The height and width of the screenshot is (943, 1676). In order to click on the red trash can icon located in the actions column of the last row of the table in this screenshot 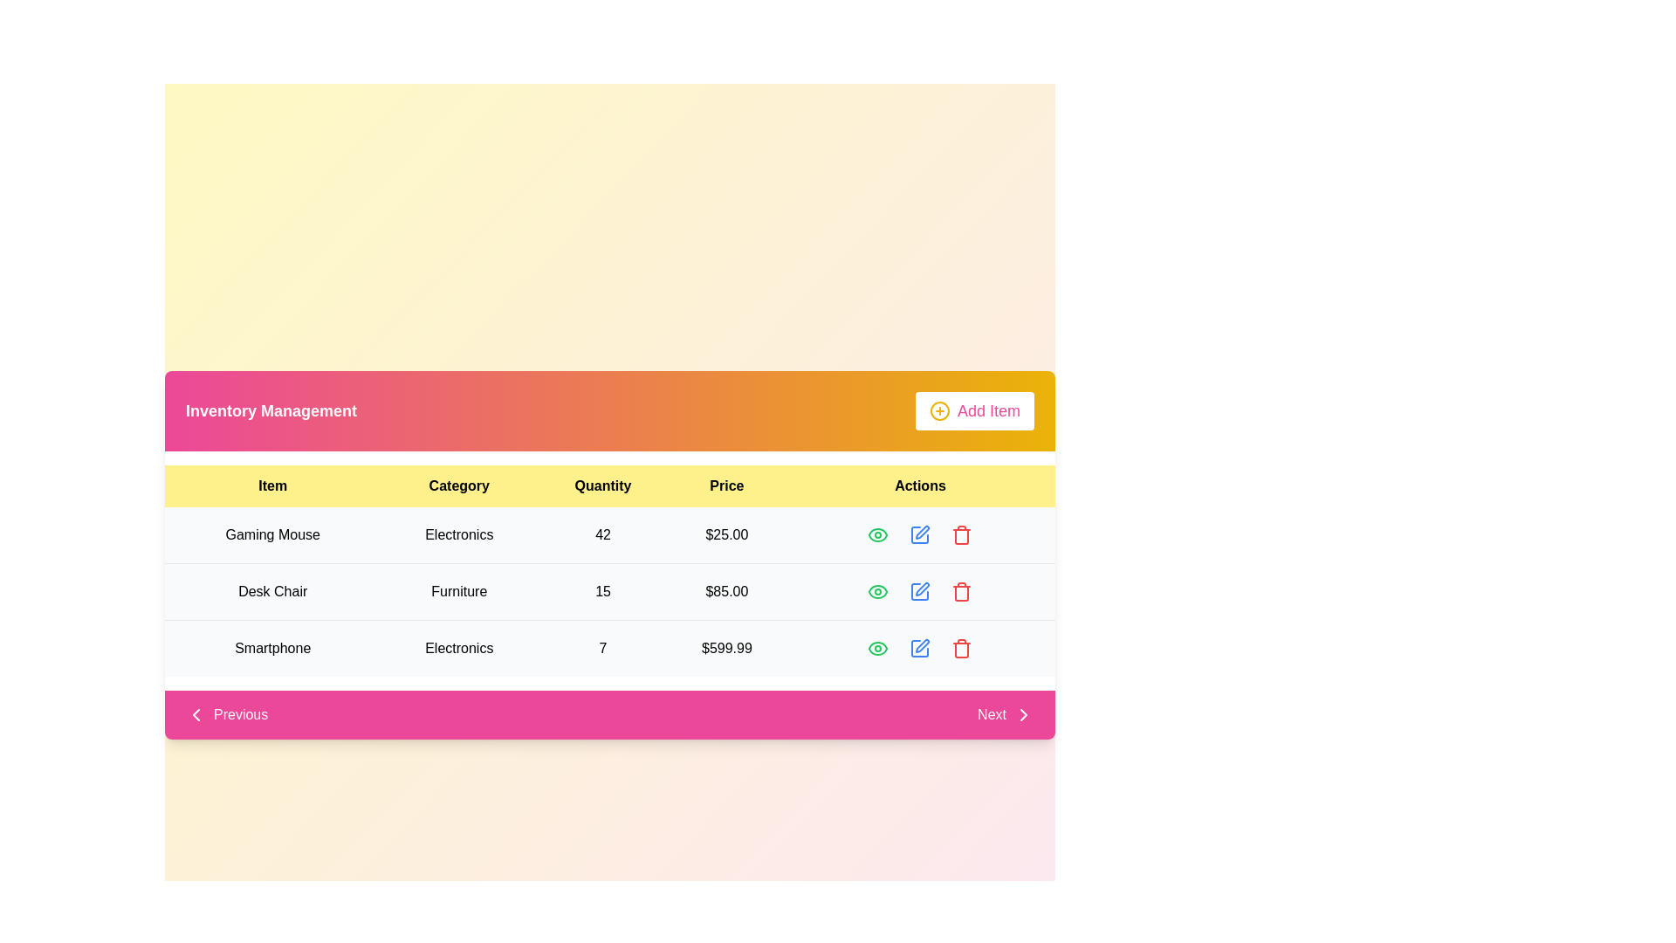, I will do `click(961, 650)`.